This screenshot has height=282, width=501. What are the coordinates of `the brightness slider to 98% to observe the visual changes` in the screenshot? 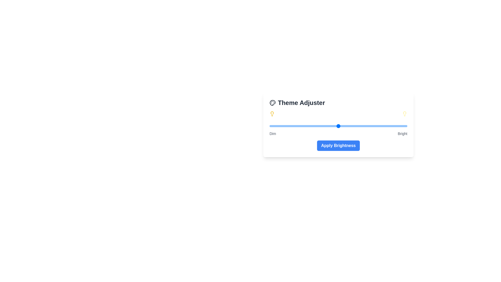 It's located at (404, 126).